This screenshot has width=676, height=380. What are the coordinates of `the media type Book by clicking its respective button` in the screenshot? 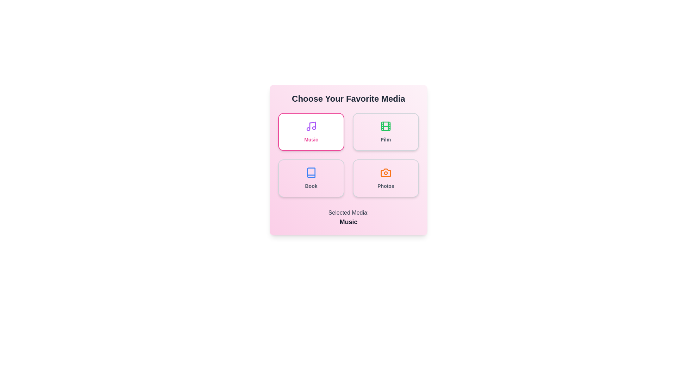 It's located at (311, 178).